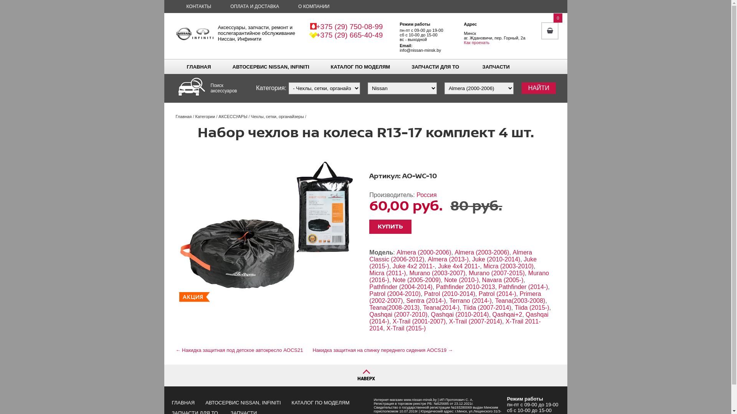 This screenshot has width=737, height=414. I want to click on 'Murano (2016-)', so click(459, 276).